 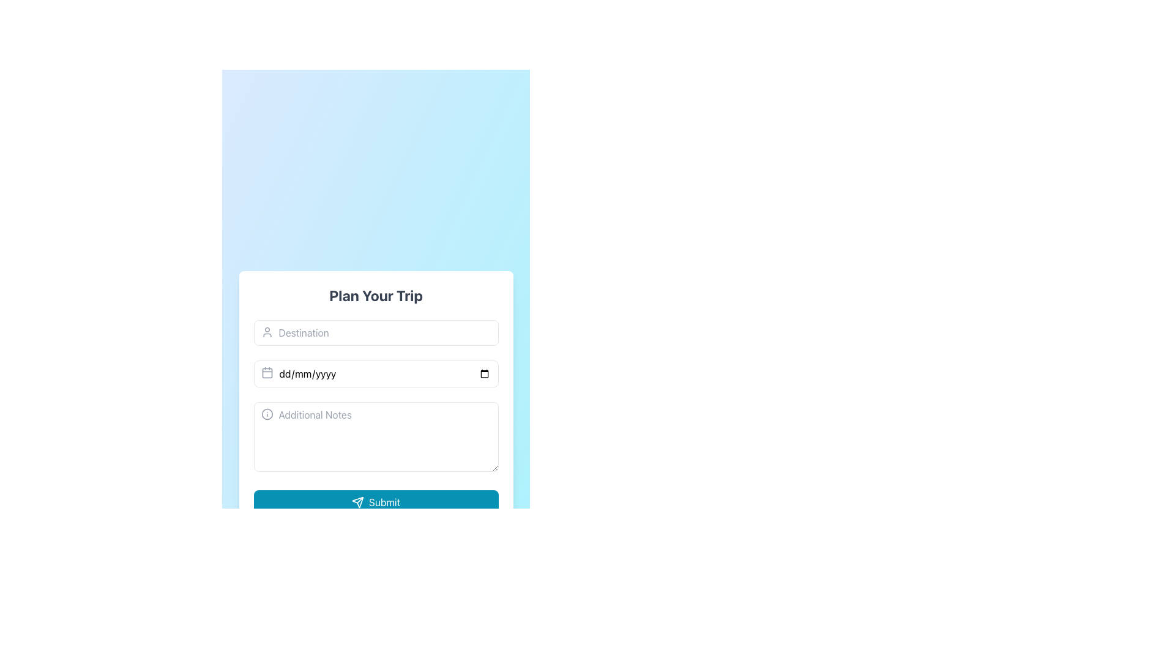 What do you see at coordinates (266, 372) in the screenshot?
I see `the calendar icon, which is a small square outline with a top bar located on the left end of the date input field in the 'Plan Your Trip' form` at bounding box center [266, 372].